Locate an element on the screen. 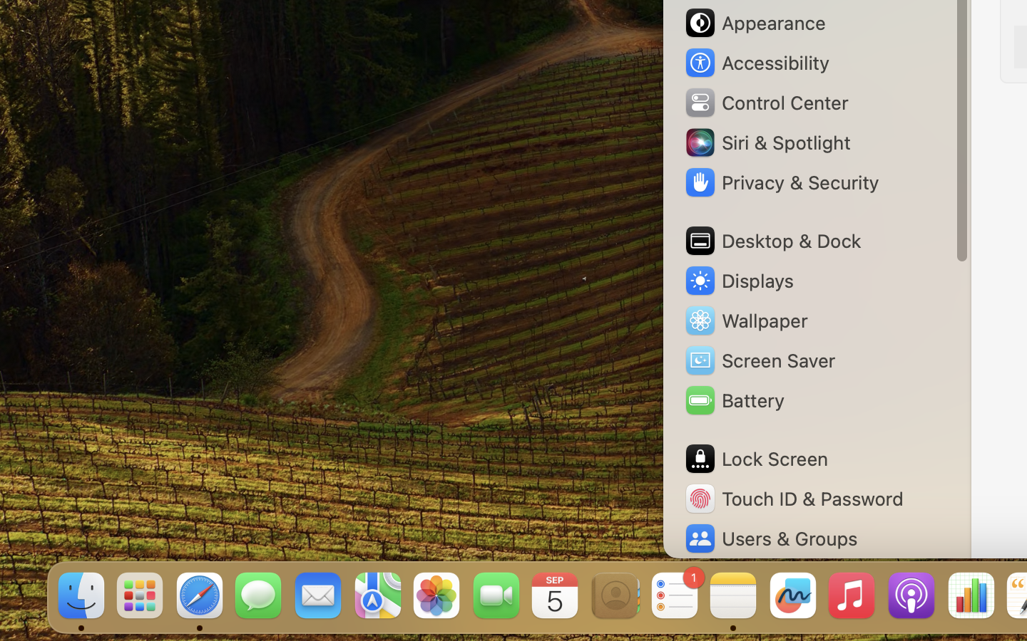  'Users & Groups' is located at coordinates (770, 538).